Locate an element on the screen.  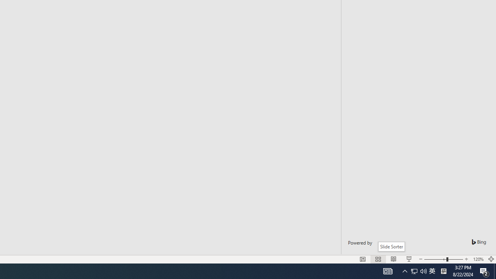
'Slide Sorter' is located at coordinates (391, 246).